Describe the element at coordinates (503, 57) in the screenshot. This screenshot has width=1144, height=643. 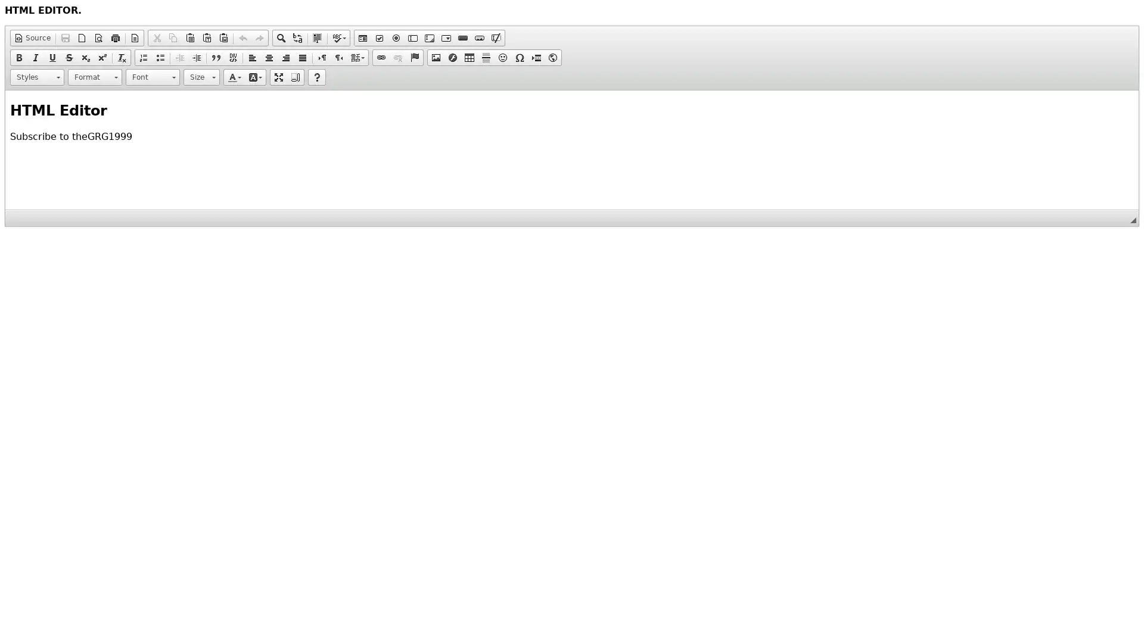
I see `Smiley` at that location.